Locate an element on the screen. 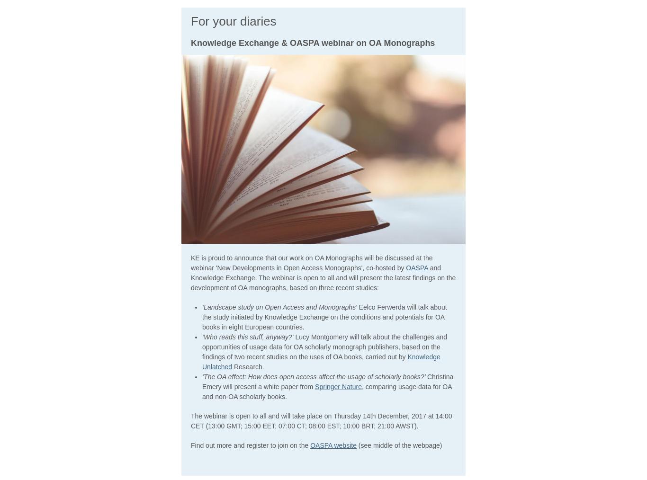 This screenshot has height=480, width=647. 'Eelco Ferwerda will talk about the study initiated by Knowledge Exchange on the conditions and potentials for OA books in 
eight European countries.' is located at coordinates (202, 317).